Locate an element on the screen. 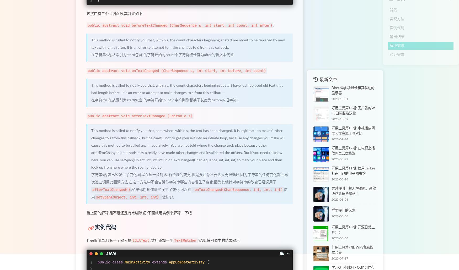 The width and height of the screenshot is (459, 270). '在字符串s内,从索引为start(包含)的字符开始count个字符刚刚替换了长度为before的旧字符.;' is located at coordinates (91, 100).